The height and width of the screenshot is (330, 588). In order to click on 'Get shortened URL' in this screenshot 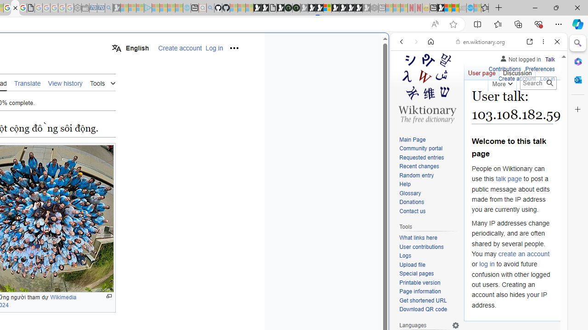, I will do `click(422, 300)`.